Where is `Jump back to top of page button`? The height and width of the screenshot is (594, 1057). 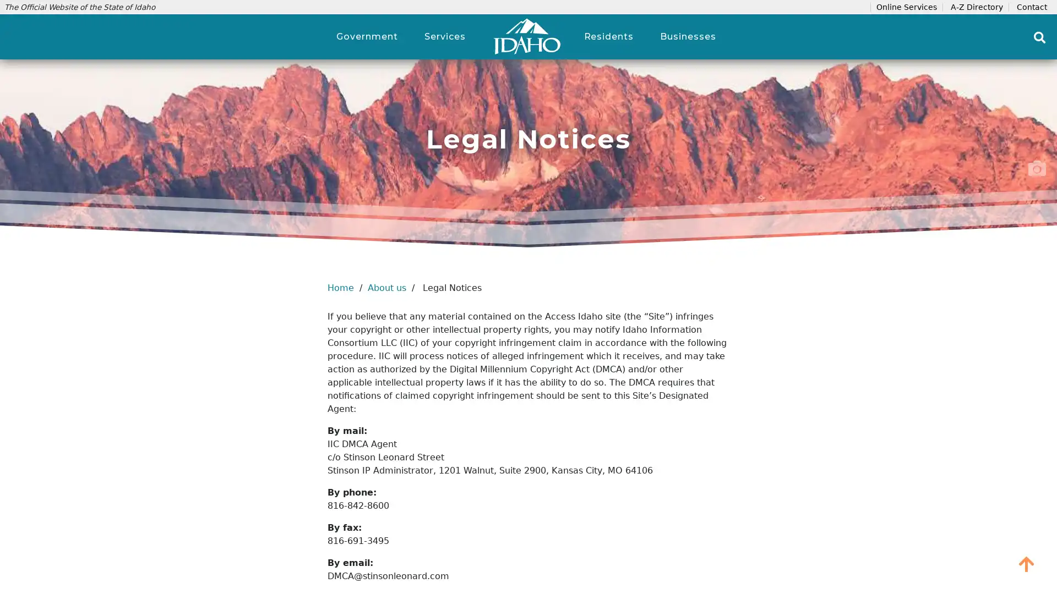
Jump back to top of page button is located at coordinates (1026, 564).